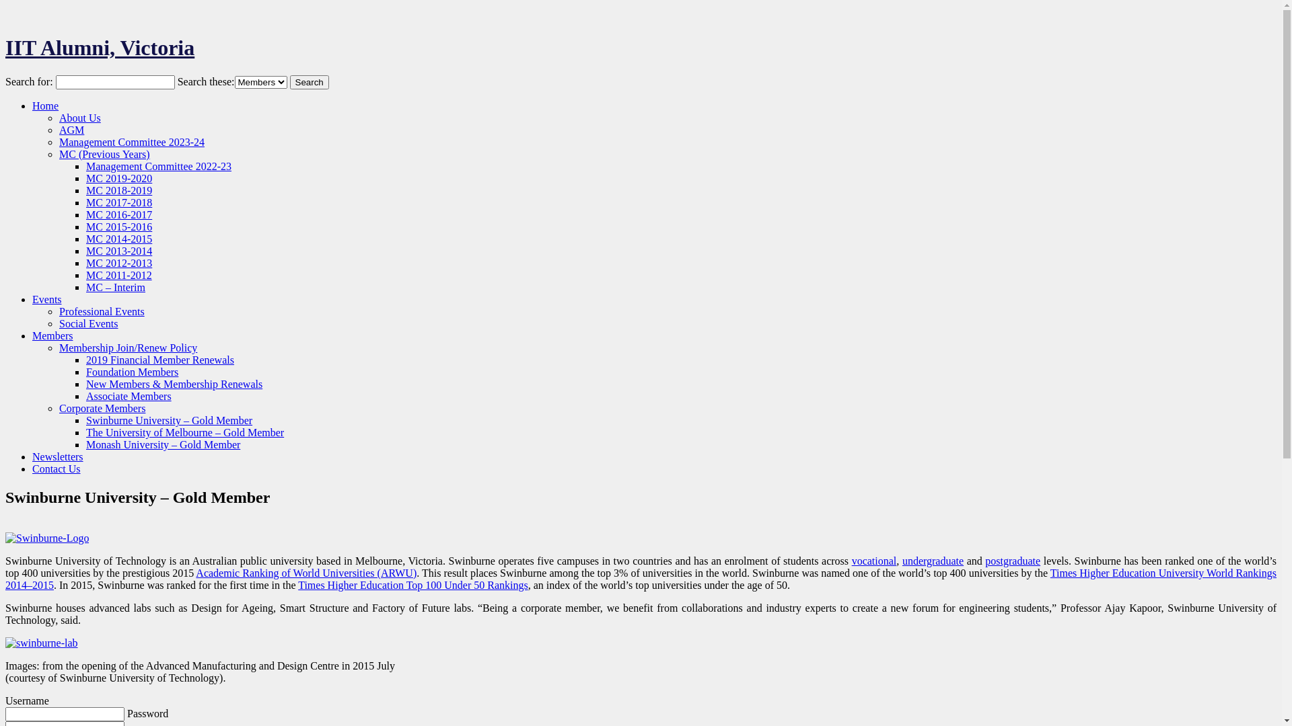 The height and width of the screenshot is (726, 1292). Describe the element at coordinates (79, 117) in the screenshot. I see `'About Us'` at that location.